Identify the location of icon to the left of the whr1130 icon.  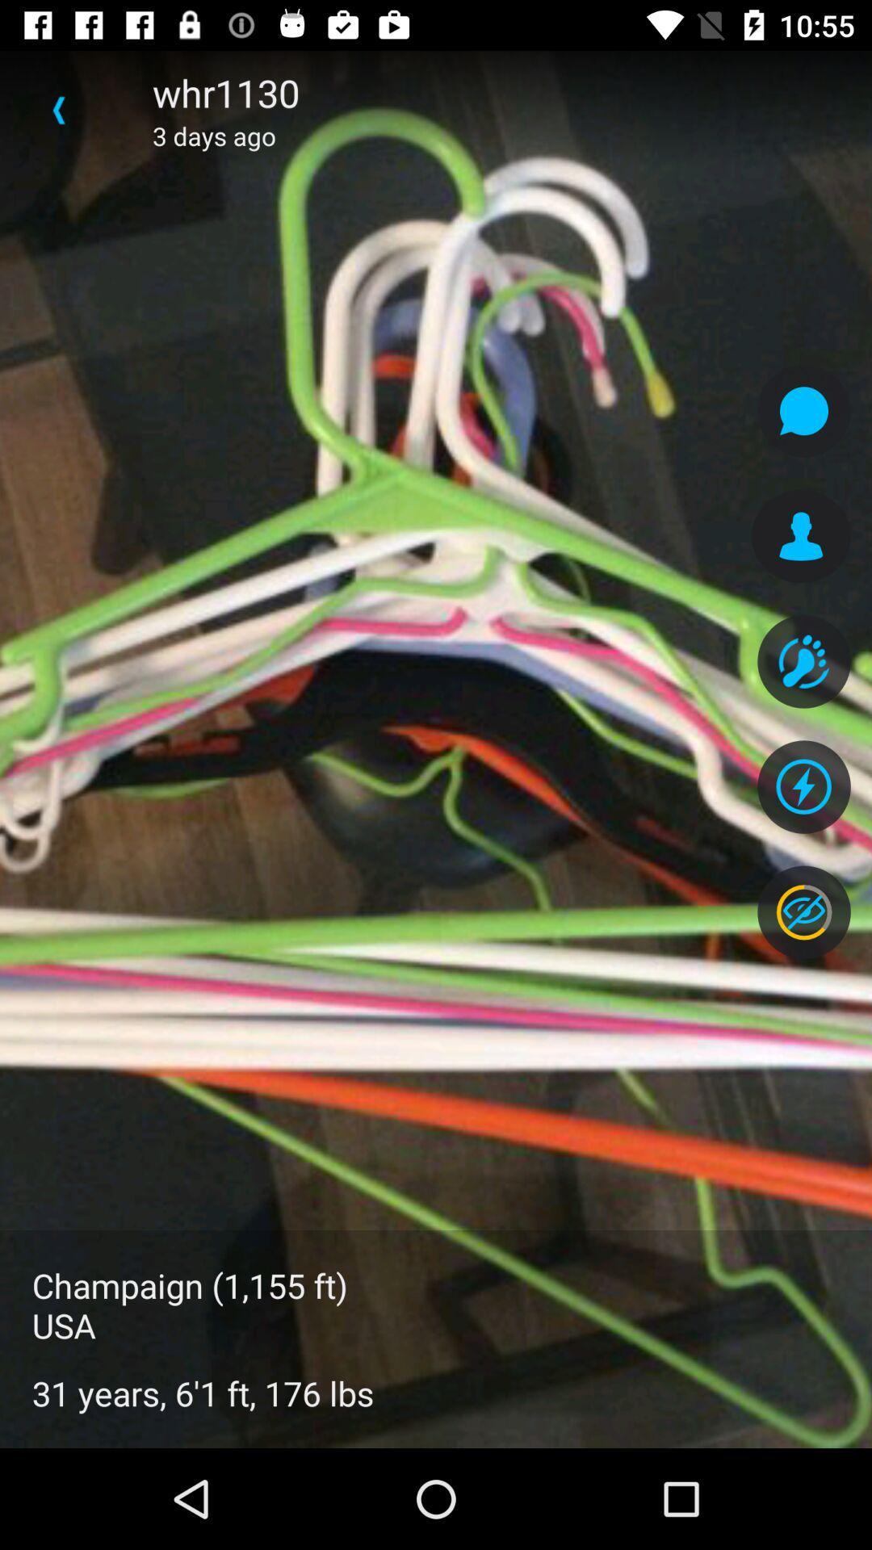
(58, 109).